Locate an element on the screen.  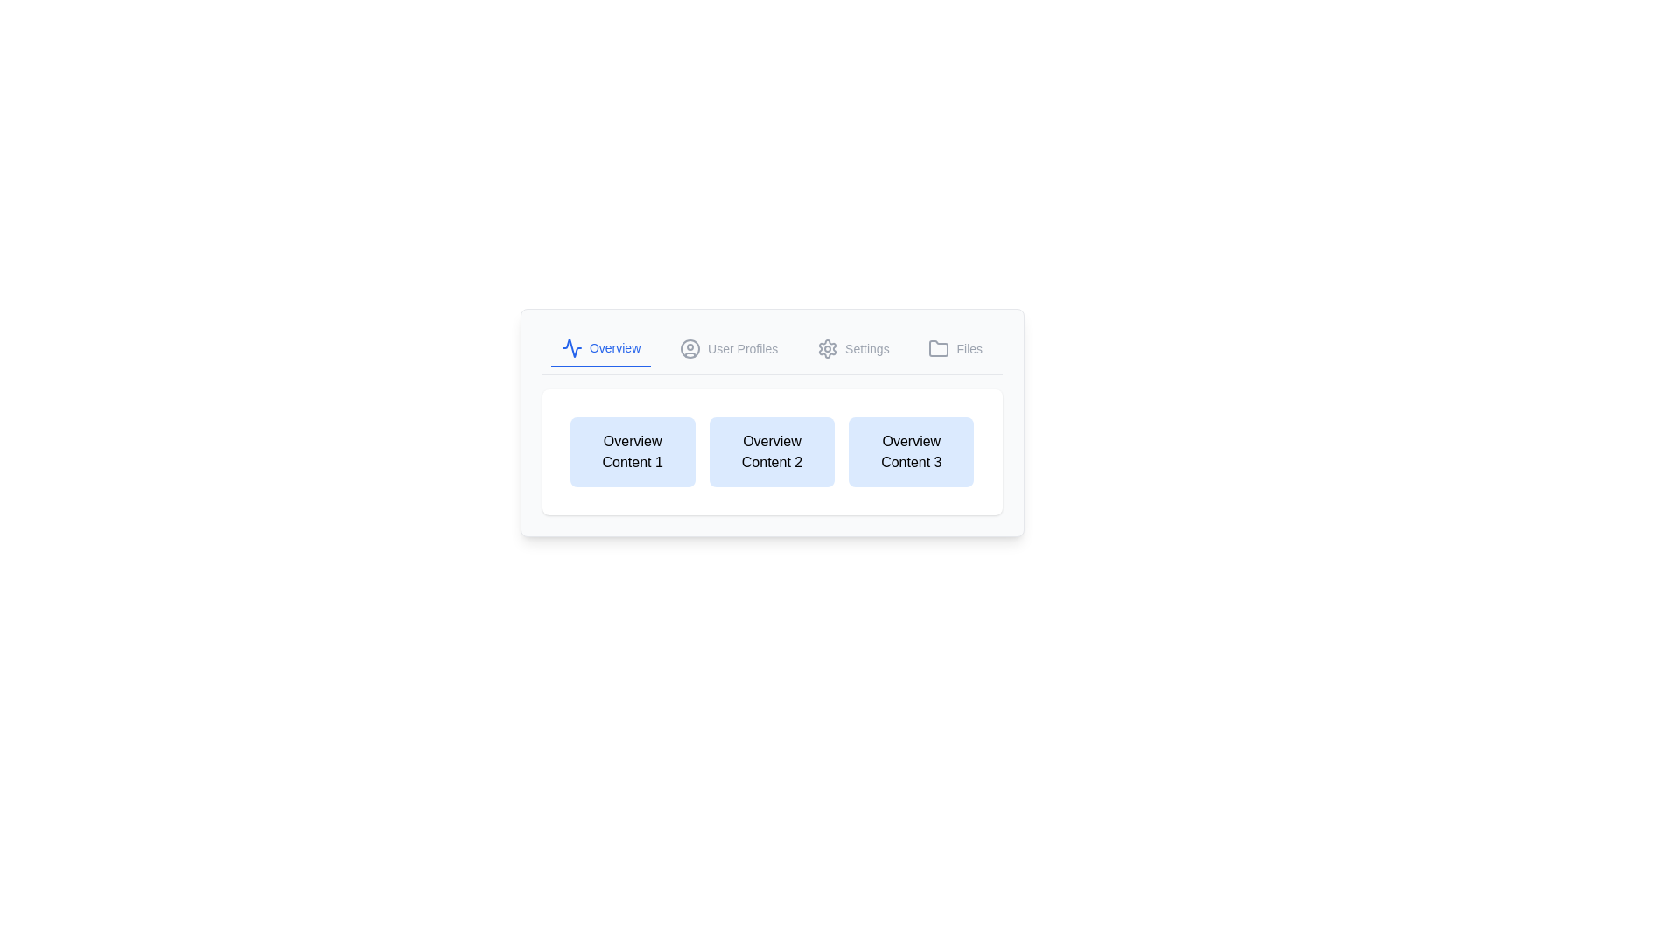
the blue waveform icon in the 'Overview' tab is located at coordinates (571, 347).